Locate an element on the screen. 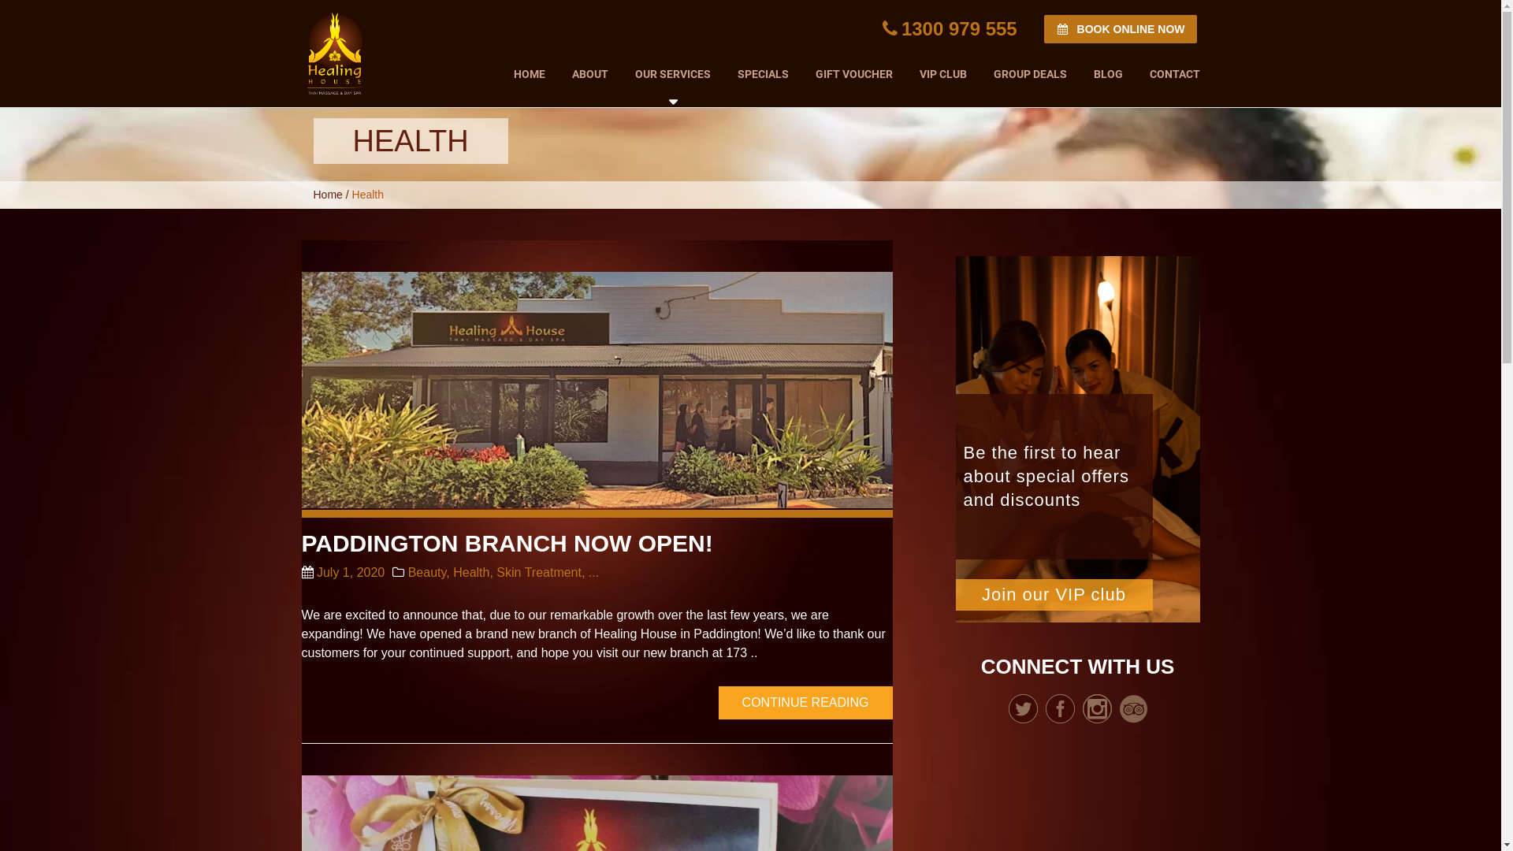 The image size is (1513, 851). 'GIFT VOUCHER' is located at coordinates (801, 69).